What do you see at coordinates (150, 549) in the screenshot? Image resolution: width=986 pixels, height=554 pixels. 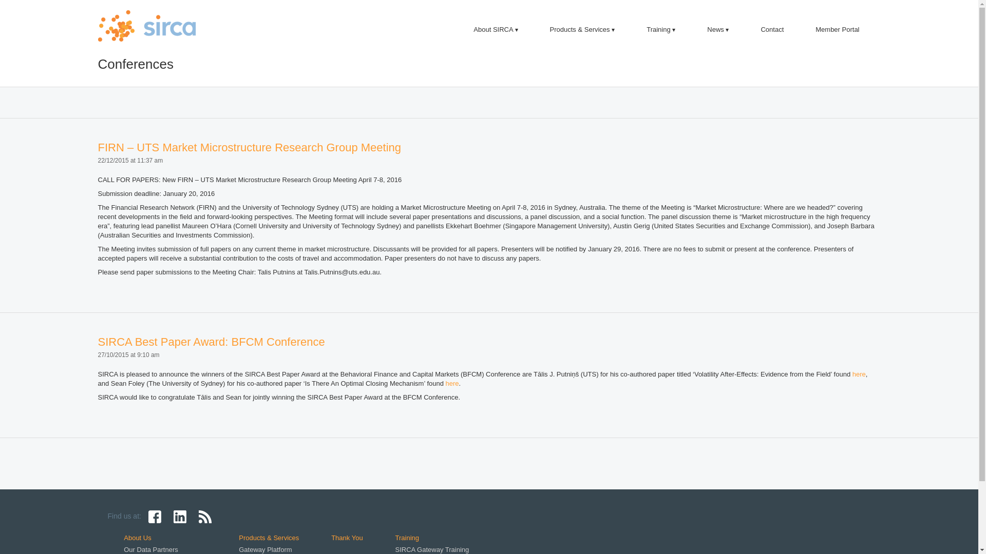 I see `'Our Data Partners'` at bounding box center [150, 549].